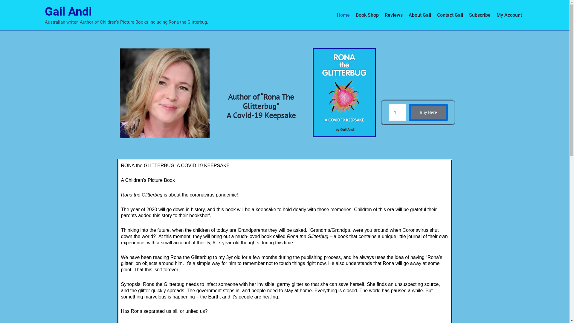  Describe the element at coordinates (493, 15) in the screenshot. I see `'My Account'` at that location.